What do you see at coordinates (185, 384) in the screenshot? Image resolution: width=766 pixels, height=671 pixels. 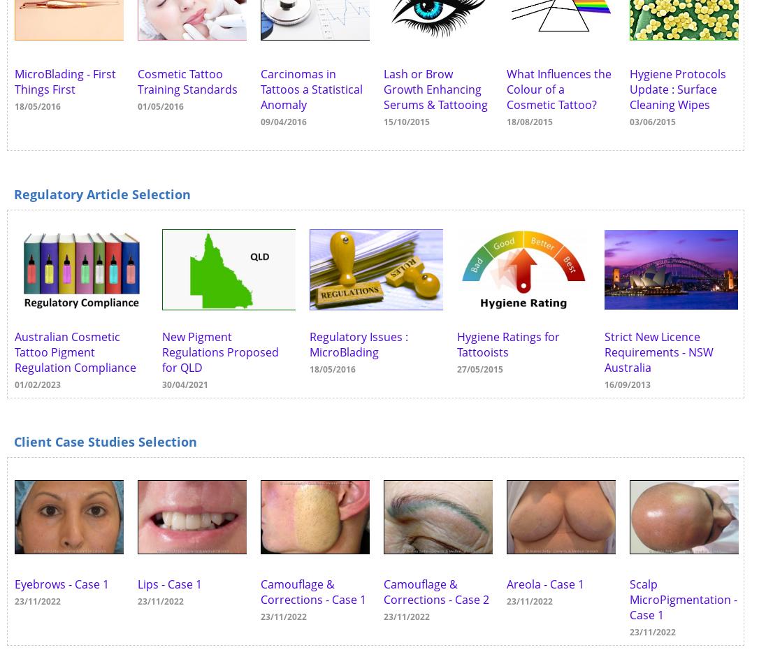 I see `'30/04/2021'` at bounding box center [185, 384].